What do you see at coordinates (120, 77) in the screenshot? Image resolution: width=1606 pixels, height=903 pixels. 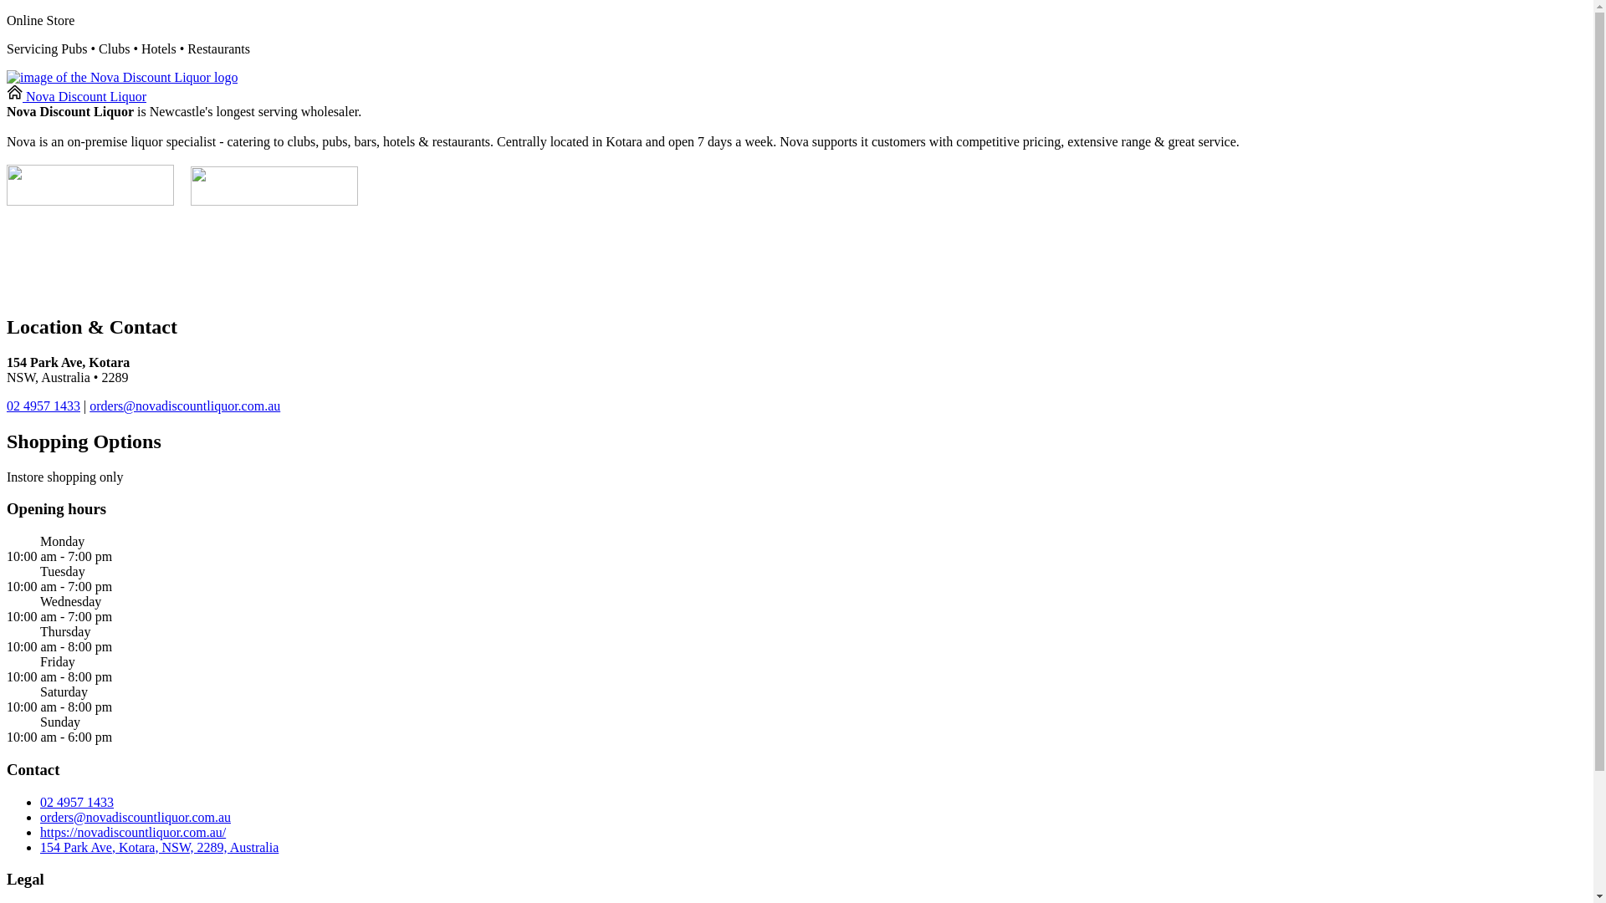 I see `'image of the Nova Discount Liquor logo'` at bounding box center [120, 77].